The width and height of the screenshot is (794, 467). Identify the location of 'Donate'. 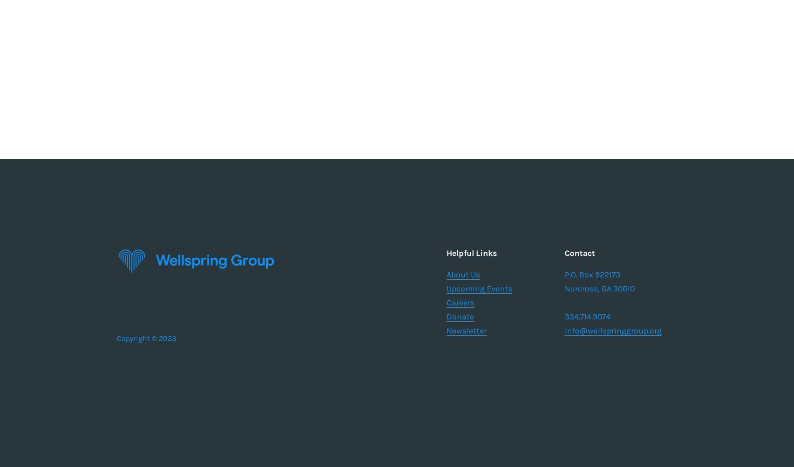
(460, 316).